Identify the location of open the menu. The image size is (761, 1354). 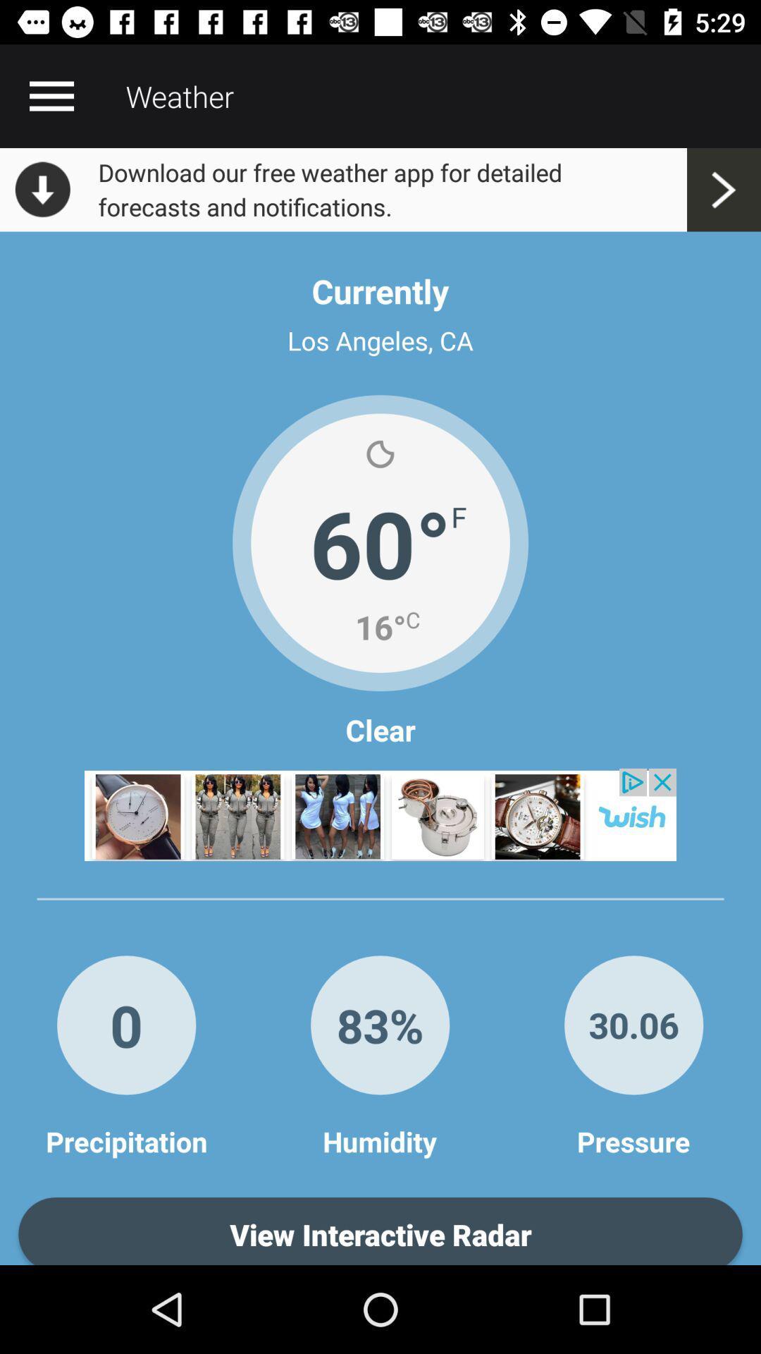
(51, 95).